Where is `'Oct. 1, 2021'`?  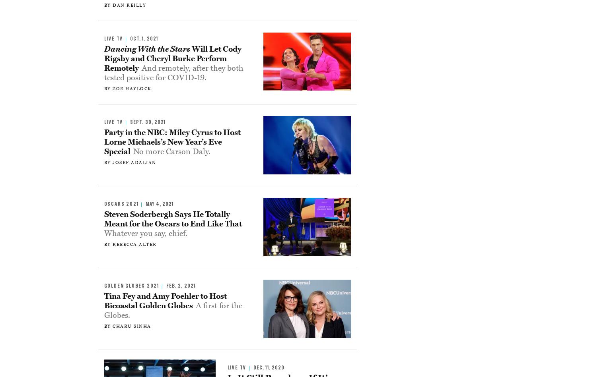 'Oct. 1, 2021' is located at coordinates (143, 39).